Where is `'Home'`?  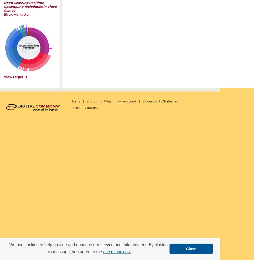 'Home' is located at coordinates (75, 101).